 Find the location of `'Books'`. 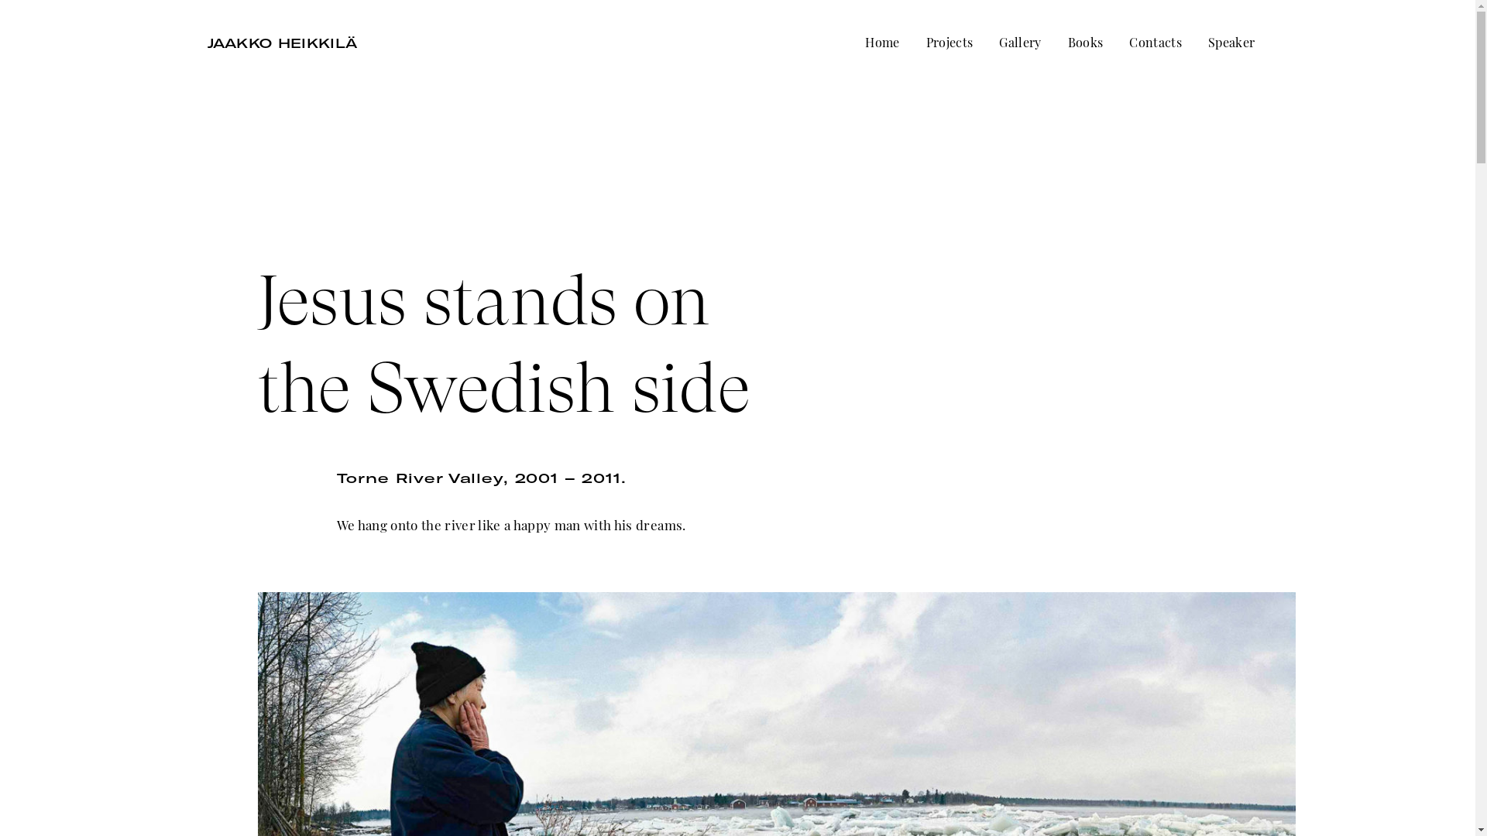

'Books' is located at coordinates (1059, 43).